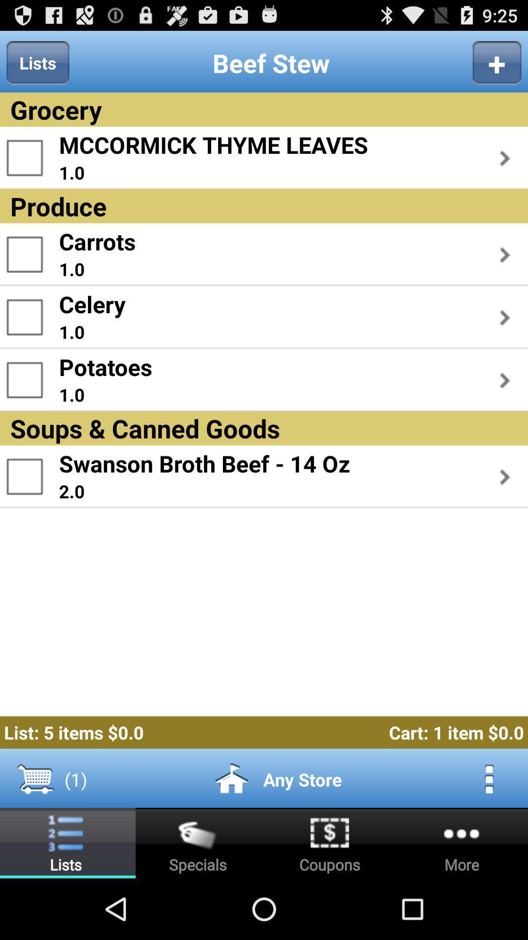  What do you see at coordinates (232, 834) in the screenshot?
I see `the home icon` at bounding box center [232, 834].